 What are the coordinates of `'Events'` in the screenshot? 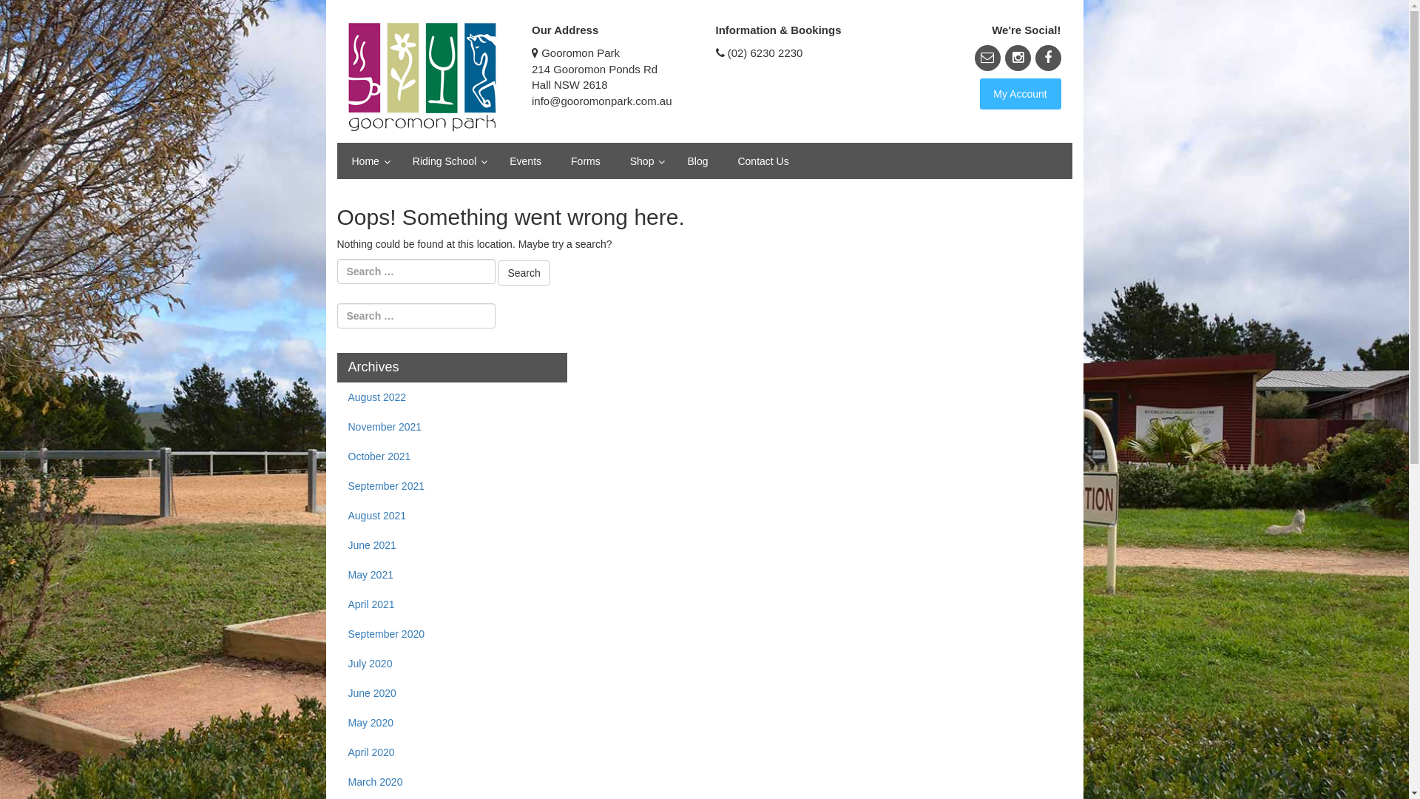 It's located at (525, 161).